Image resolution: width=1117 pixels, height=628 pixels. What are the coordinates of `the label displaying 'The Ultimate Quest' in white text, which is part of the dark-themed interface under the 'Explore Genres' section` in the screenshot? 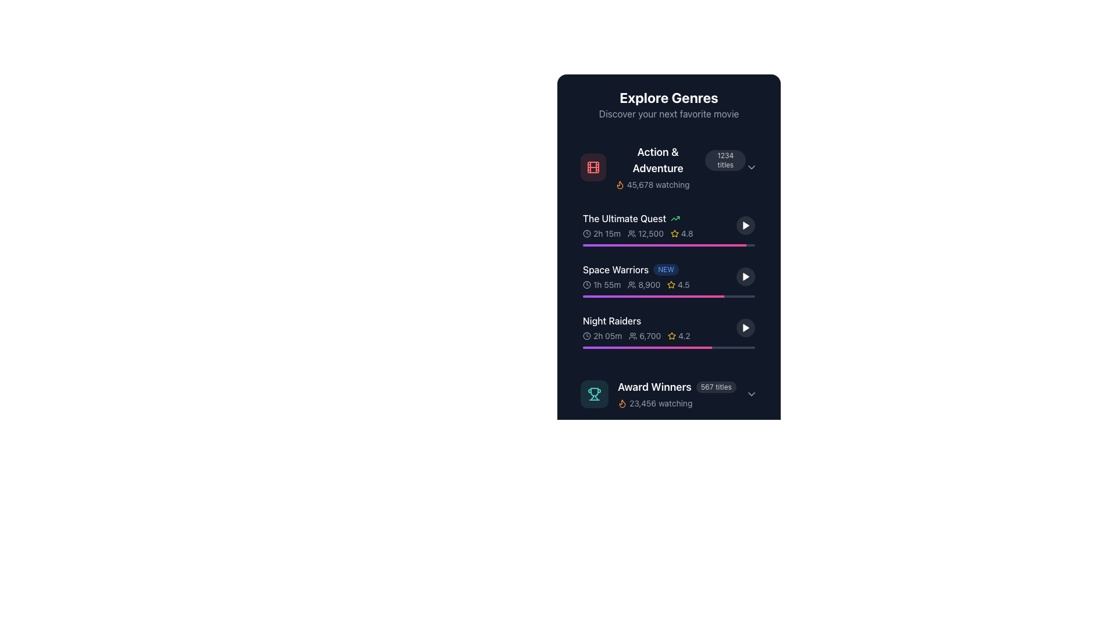 It's located at (624, 218).